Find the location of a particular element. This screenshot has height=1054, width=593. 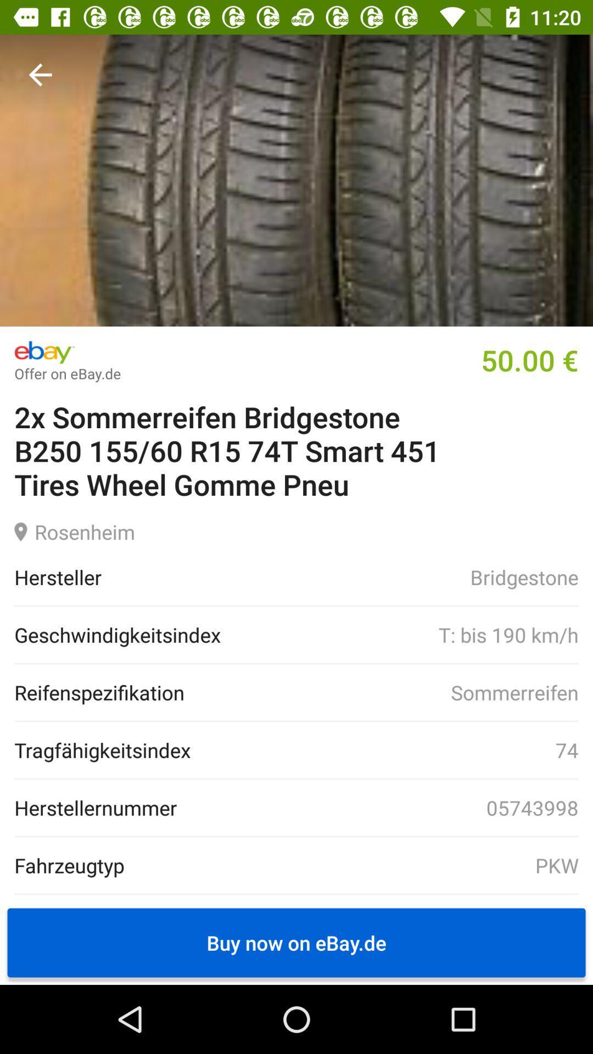

item to the right of the geschwindigkeitsindex is located at coordinates (399, 635).